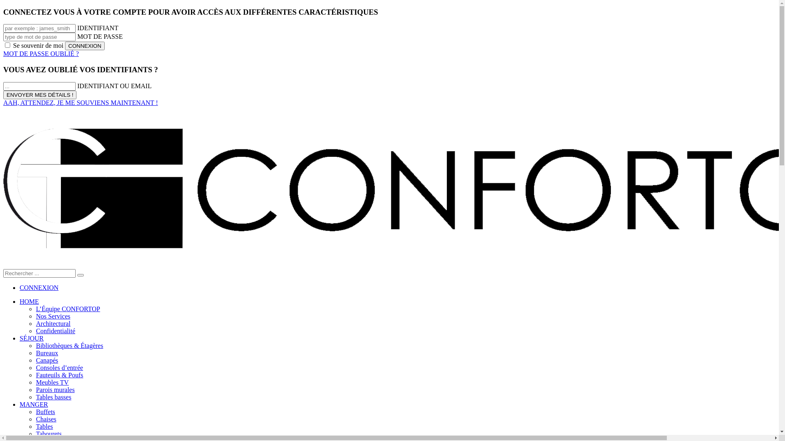 The image size is (785, 441). I want to click on 'Chaises', so click(35, 419).